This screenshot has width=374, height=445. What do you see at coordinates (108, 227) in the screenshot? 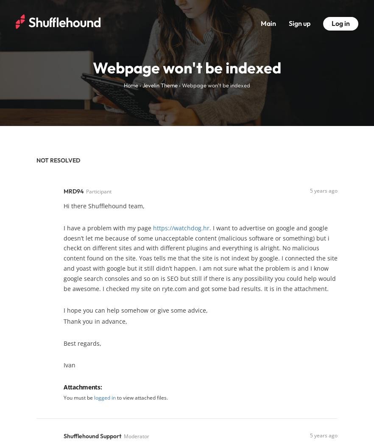
I see `'I have a problem with my page'` at bounding box center [108, 227].